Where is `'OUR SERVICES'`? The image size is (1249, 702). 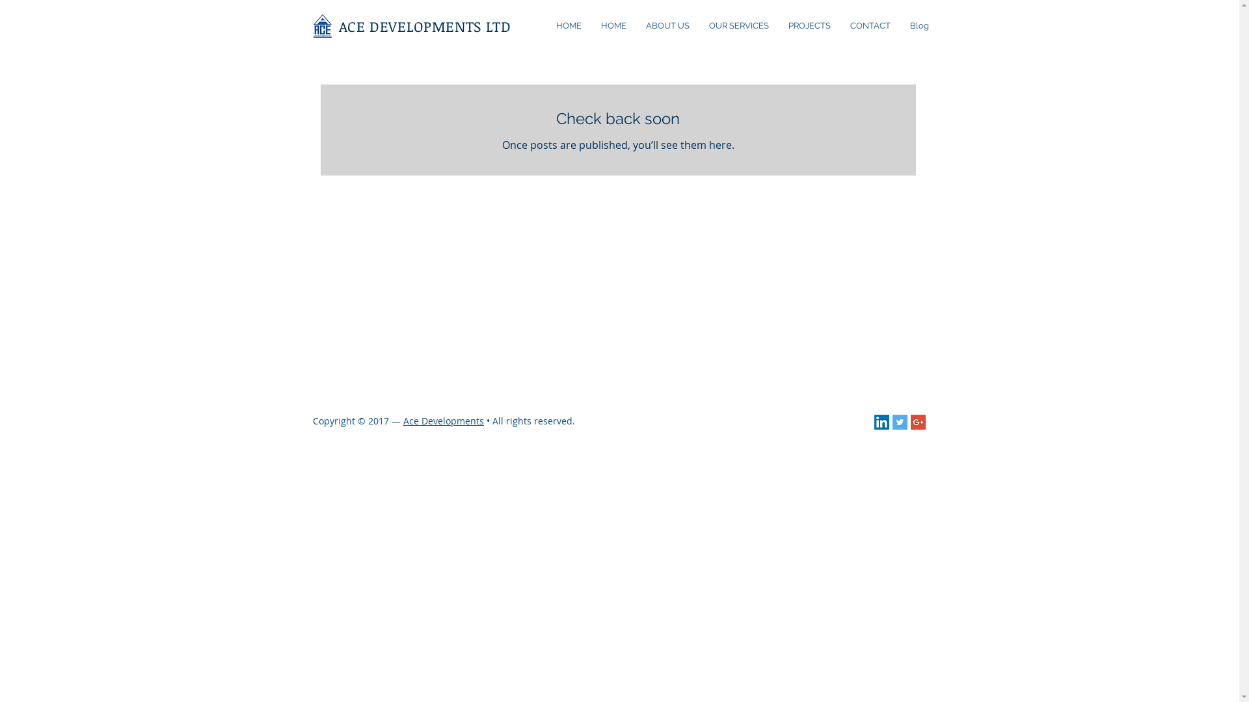 'OUR SERVICES' is located at coordinates (738, 25).